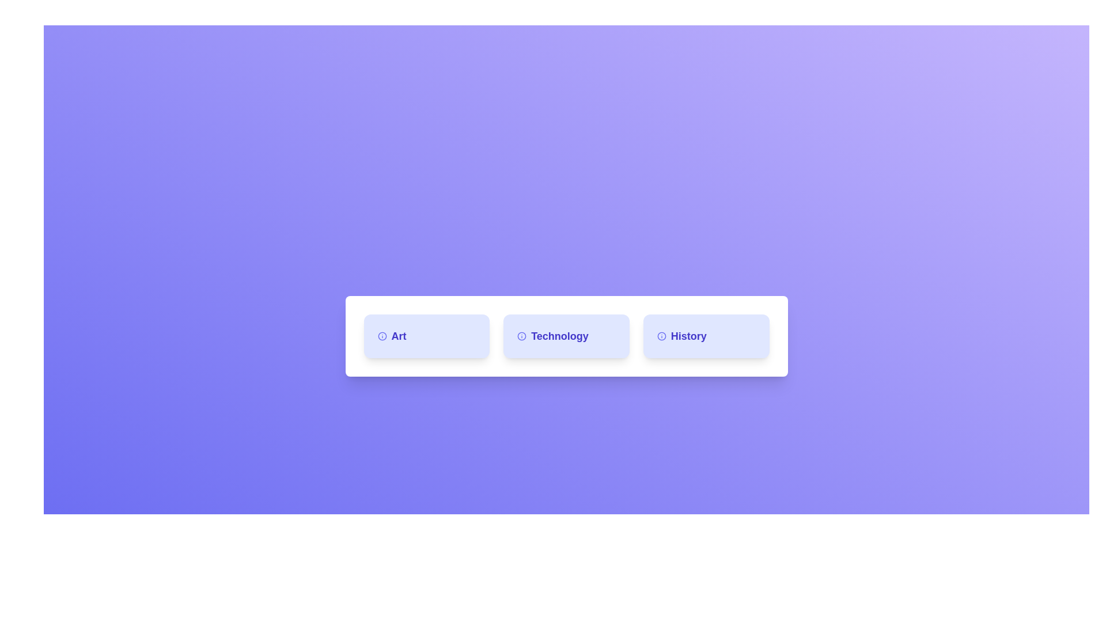  What do you see at coordinates (521, 336) in the screenshot?
I see `the circular indigo icon located inside the 'Technology' button to interact with it` at bounding box center [521, 336].